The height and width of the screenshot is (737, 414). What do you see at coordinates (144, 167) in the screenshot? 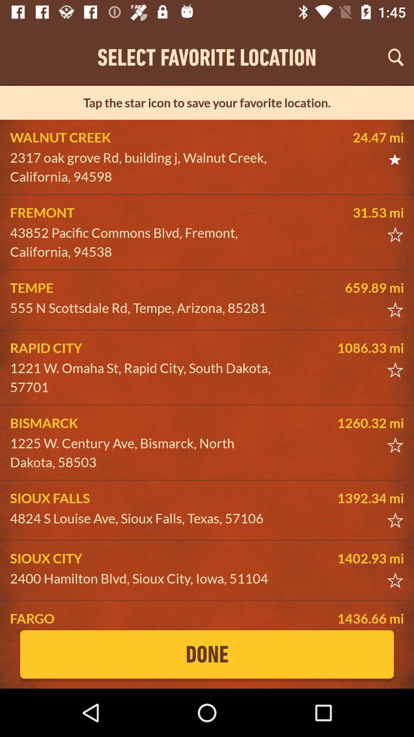
I see `icon below walnut creek item` at bounding box center [144, 167].